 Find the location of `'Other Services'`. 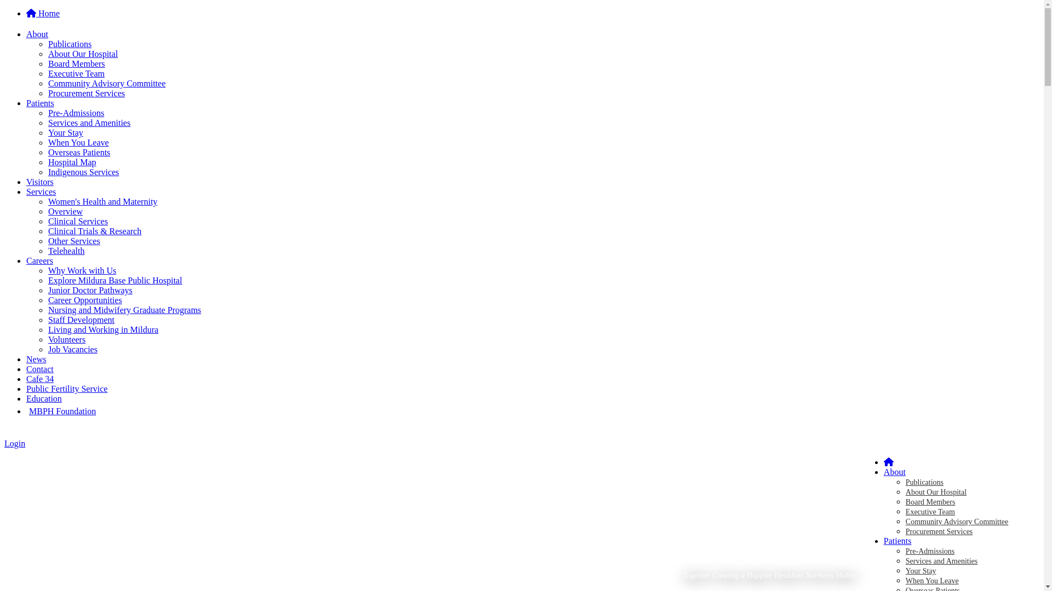

'Other Services' is located at coordinates (73, 240).